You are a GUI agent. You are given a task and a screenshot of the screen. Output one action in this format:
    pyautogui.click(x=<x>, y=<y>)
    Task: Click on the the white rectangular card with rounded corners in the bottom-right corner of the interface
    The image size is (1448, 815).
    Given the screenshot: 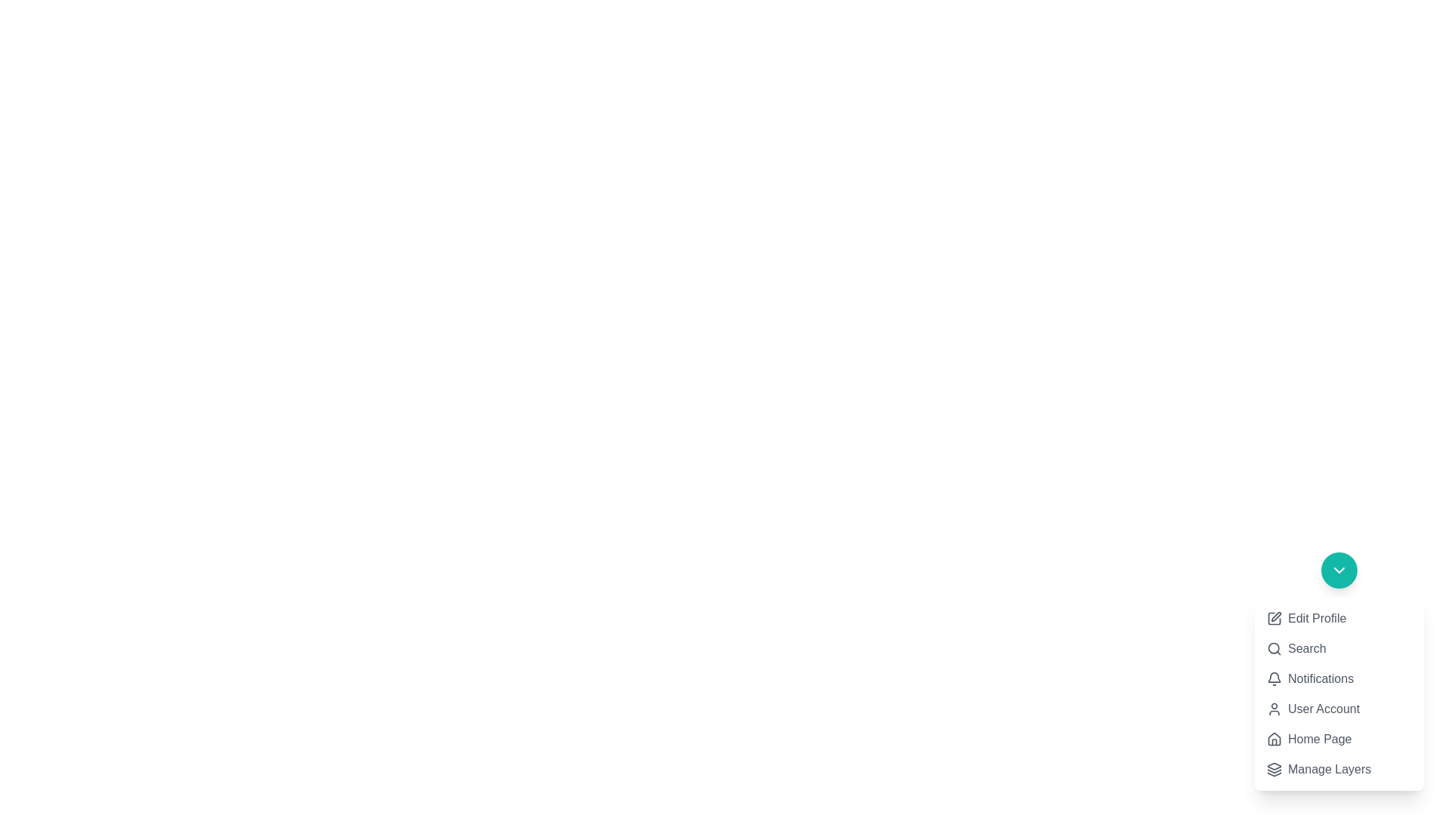 What is the action you would take?
    pyautogui.click(x=1339, y=694)
    